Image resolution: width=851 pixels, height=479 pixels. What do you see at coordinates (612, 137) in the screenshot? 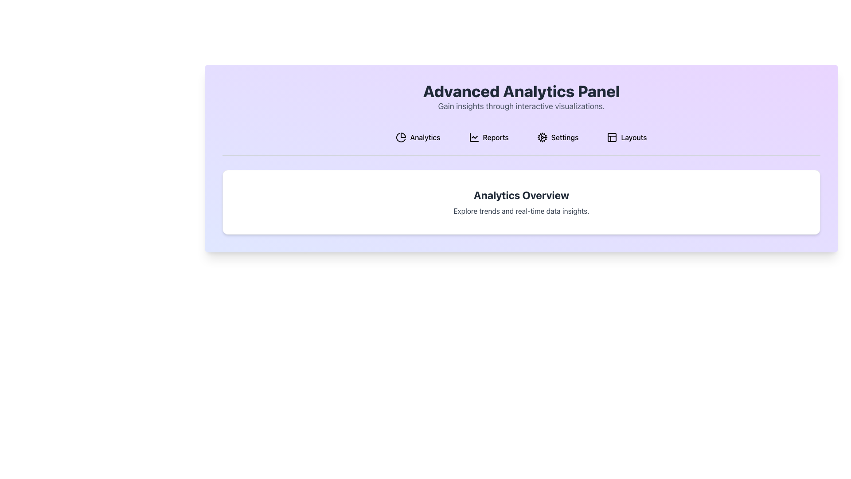
I see `the rectangular icon styled as a grid layout in the navigation header, located next to the 'Layouts' label` at bounding box center [612, 137].